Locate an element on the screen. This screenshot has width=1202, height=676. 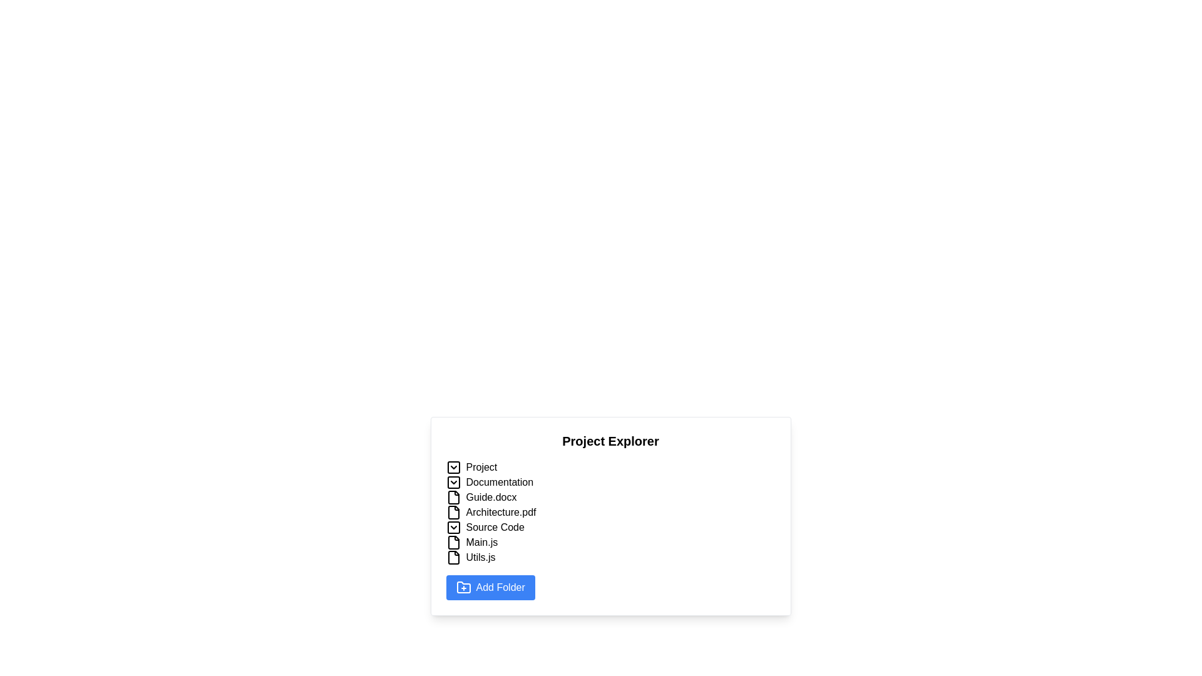
the rectangular graphical element that forms part of the dropdown indicator for the 'Documentation' folder in the 'Project Explorer' interface is located at coordinates (453, 482).